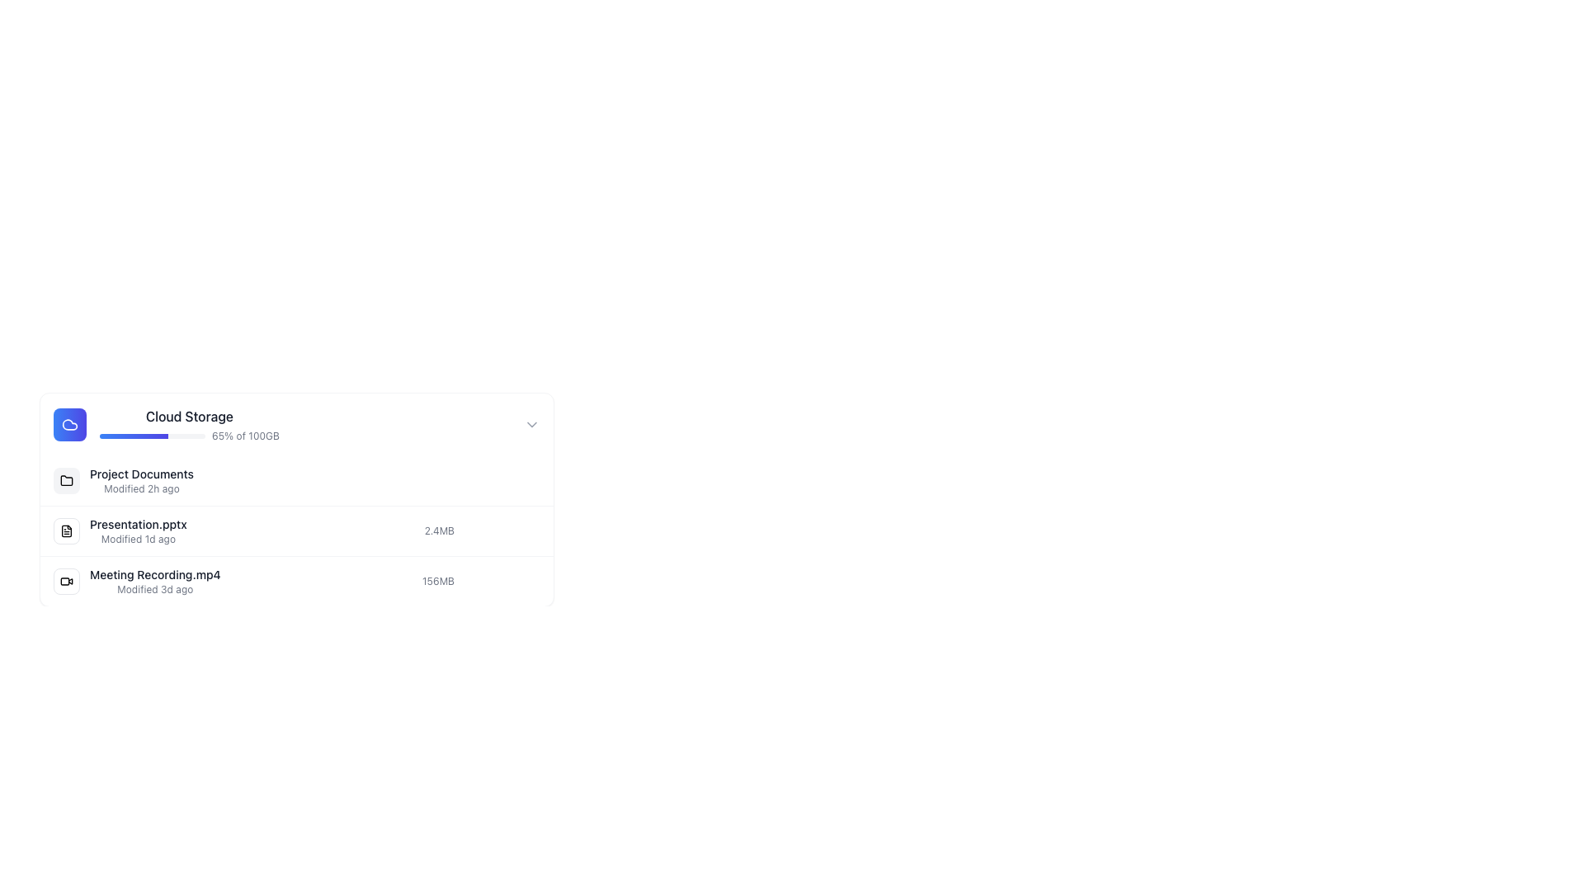  I want to click on the context menu trigger button located at the far right of the third row associated with the 'Meeting Recording.mp4' file, so click(530, 581).